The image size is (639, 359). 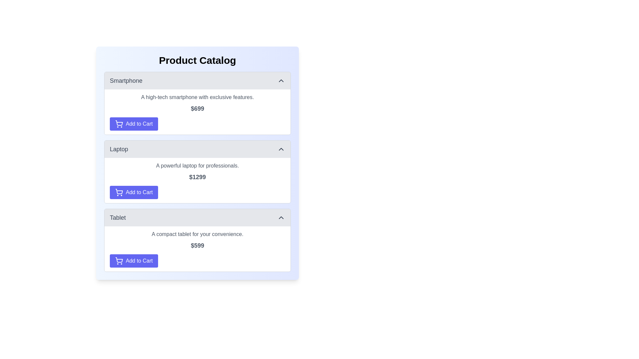 What do you see at coordinates (197, 234) in the screenshot?
I see `the descriptive text 'A compact tablet for your convenience.' located in the Tablet section of the product catalog` at bounding box center [197, 234].